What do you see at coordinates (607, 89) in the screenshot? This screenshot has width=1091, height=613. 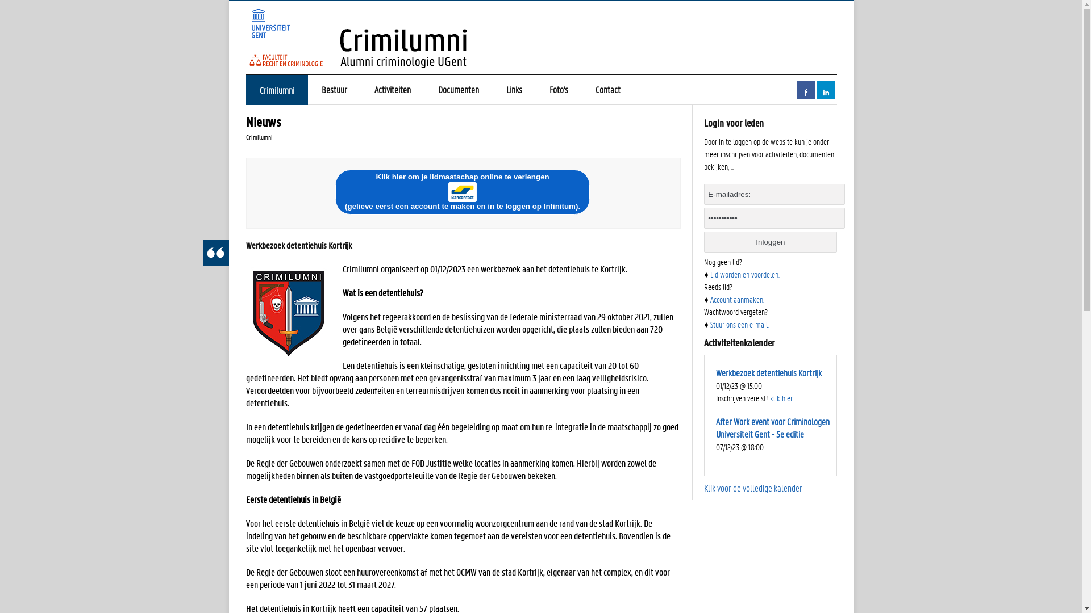 I see `'Contact'` at bounding box center [607, 89].